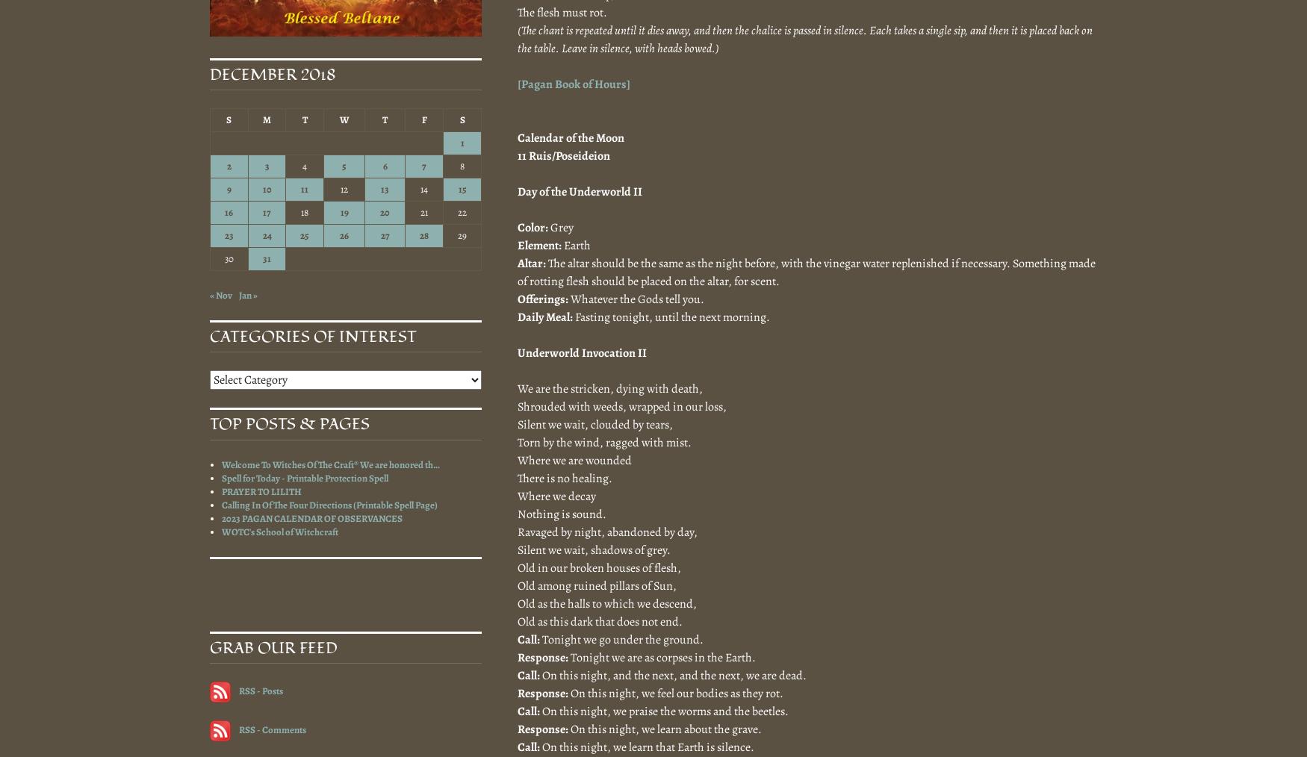 The width and height of the screenshot is (1307, 757). What do you see at coordinates (344, 165) in the screenshot?
I see `'5'` at bounding box center [344, 165].